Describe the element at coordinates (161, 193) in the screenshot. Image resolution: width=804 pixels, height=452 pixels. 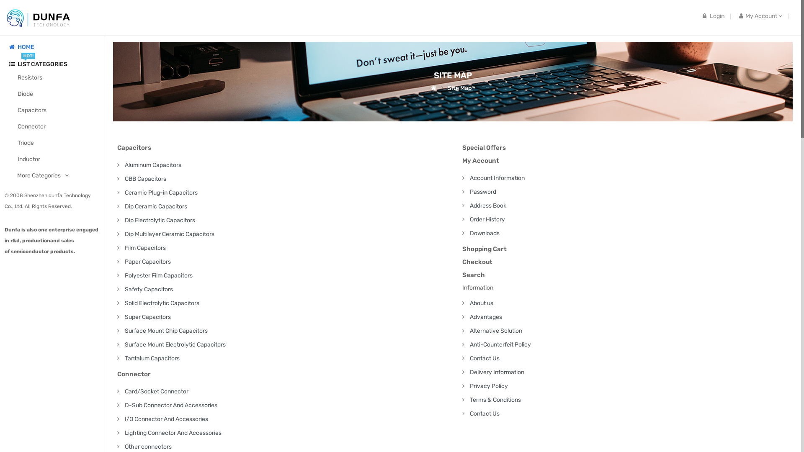
I see `'Ceramic Plug-in Capacitors'` at that location.